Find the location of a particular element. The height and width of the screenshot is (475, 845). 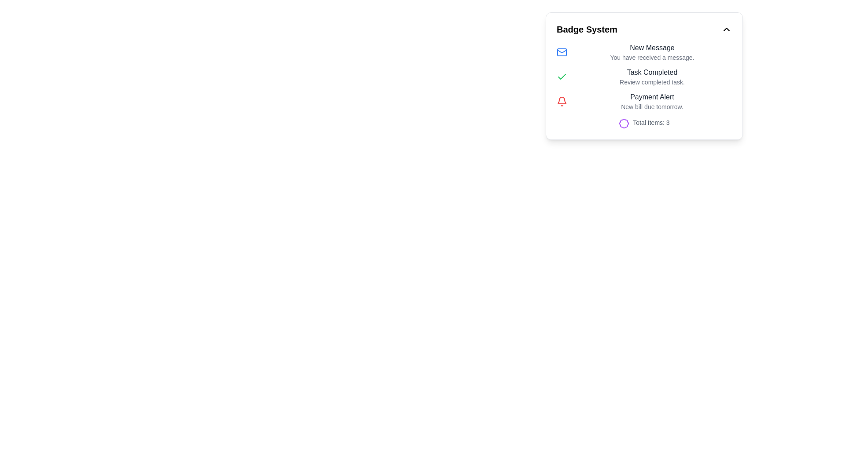

text element displaying the total item count located in the bottom-right part of the 'Badge System' group, positioned immediately to the right of the circular badge icon is located at coordinates (651, 124).